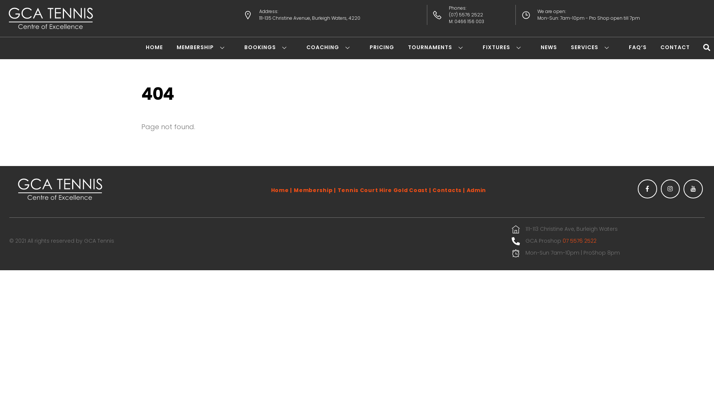  What do you see at coordinates (331, 47) in the screenshot?
I see `'COACHING'` at bounding box center [331, 47].